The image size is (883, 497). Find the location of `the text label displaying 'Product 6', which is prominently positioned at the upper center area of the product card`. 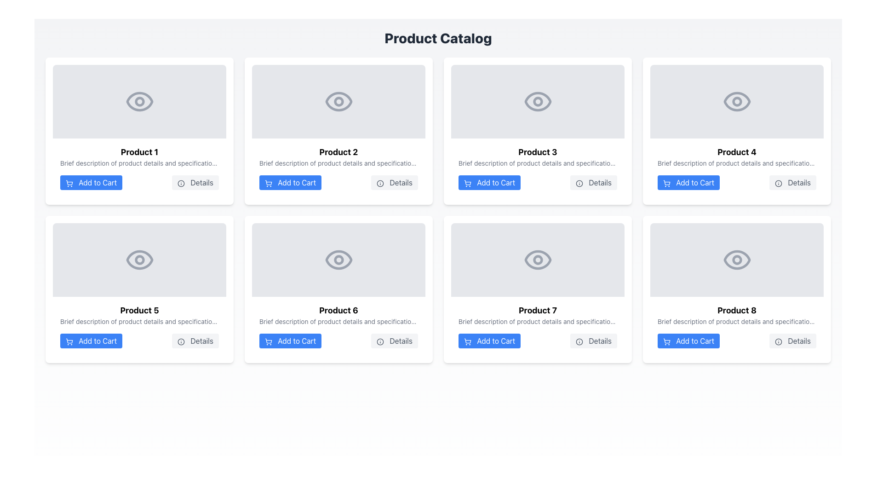

the text label displaying 'Product 6', which is prominently positioned at the upper center area of the product card is located at coordinates (338, 311).